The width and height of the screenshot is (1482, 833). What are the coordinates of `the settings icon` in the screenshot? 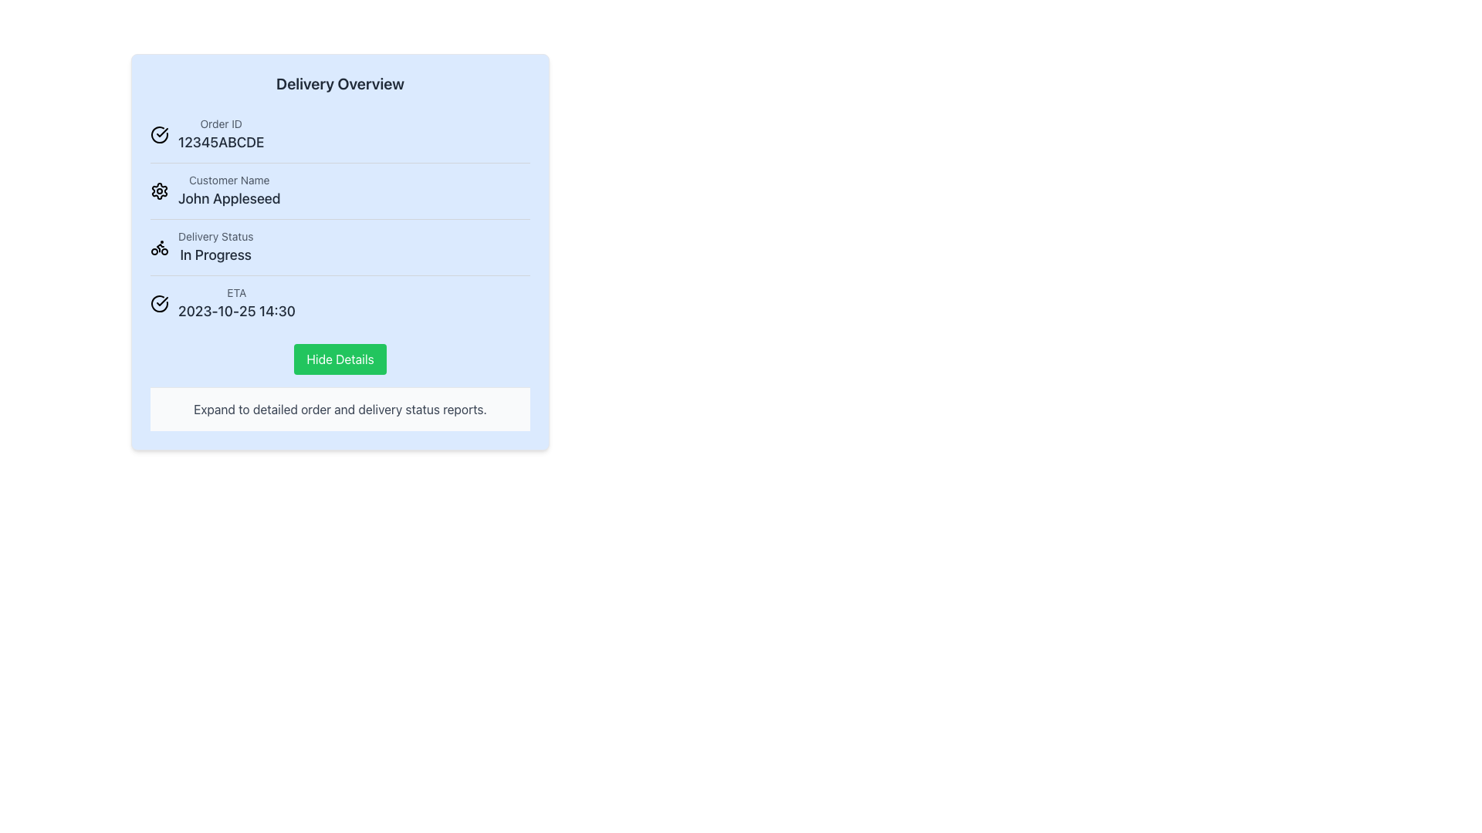 It's located at (159, 190).